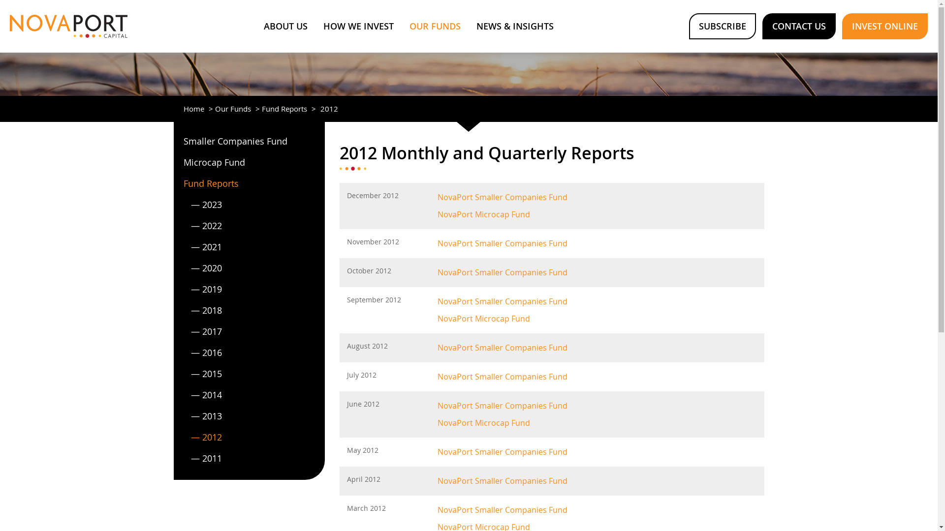  I want to click on '2018', so click(249, 306).